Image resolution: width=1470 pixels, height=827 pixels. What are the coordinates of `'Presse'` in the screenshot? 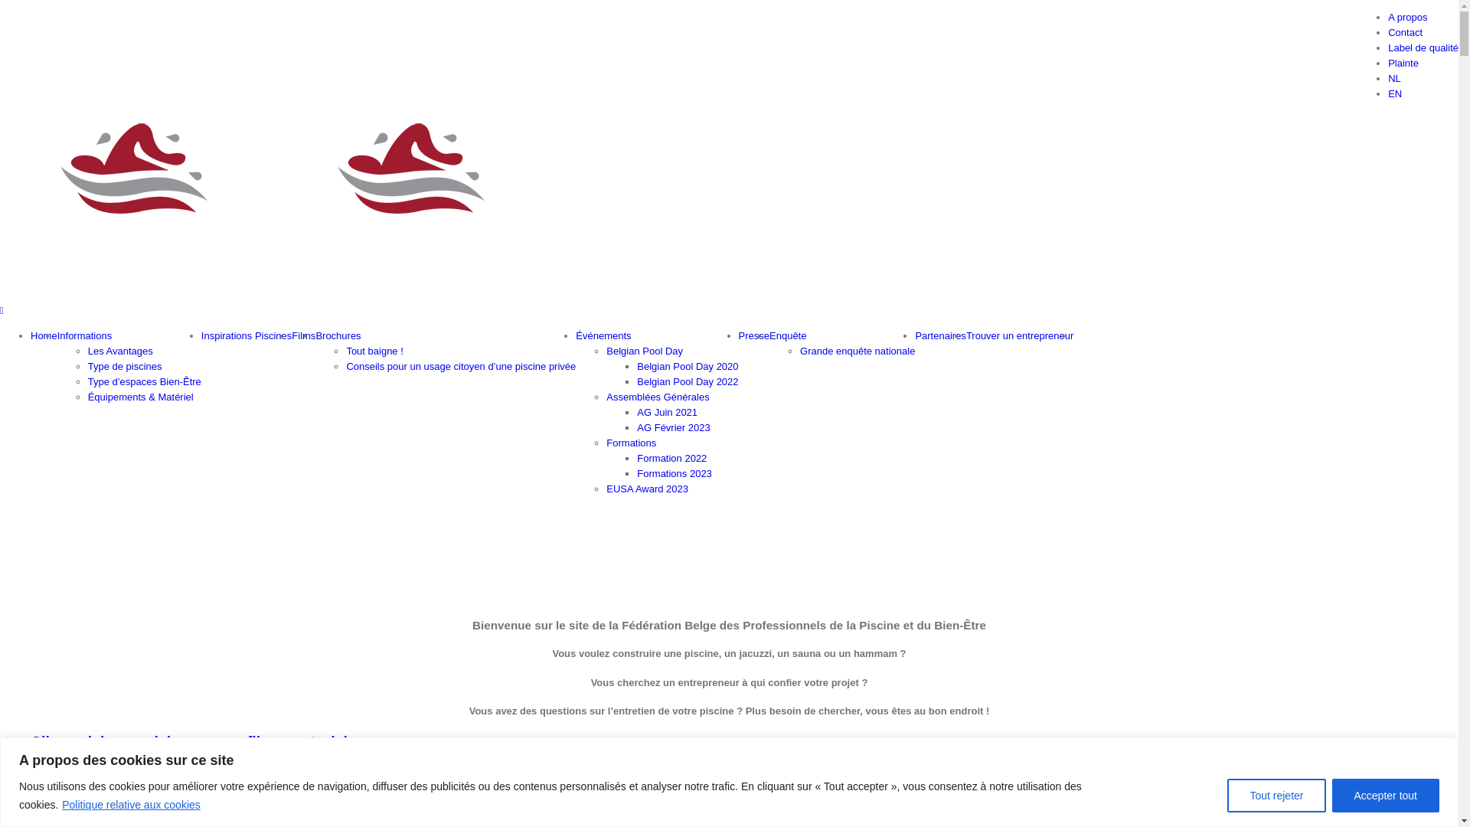 It's located at (753, 335).